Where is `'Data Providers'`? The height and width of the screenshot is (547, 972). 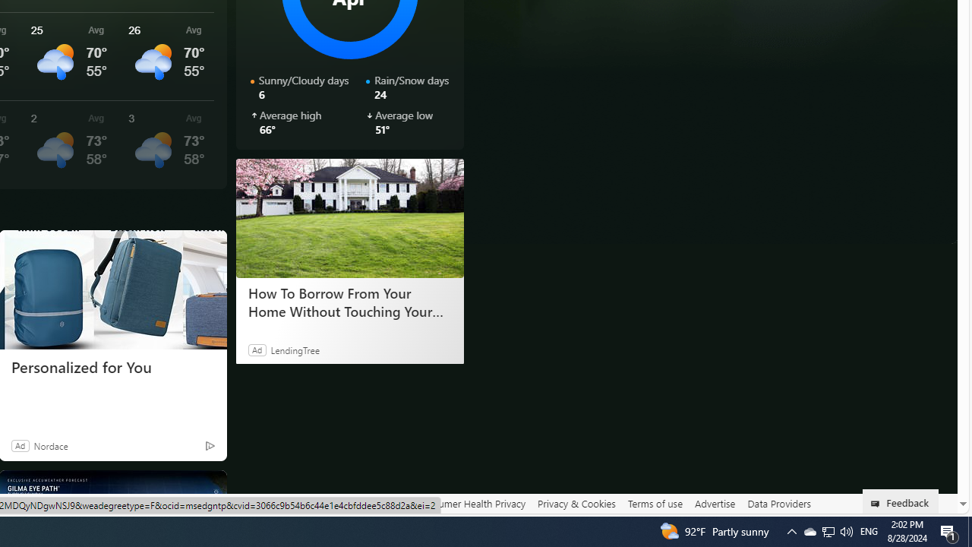
'Data Providers' is located at coordinates (778, 503).